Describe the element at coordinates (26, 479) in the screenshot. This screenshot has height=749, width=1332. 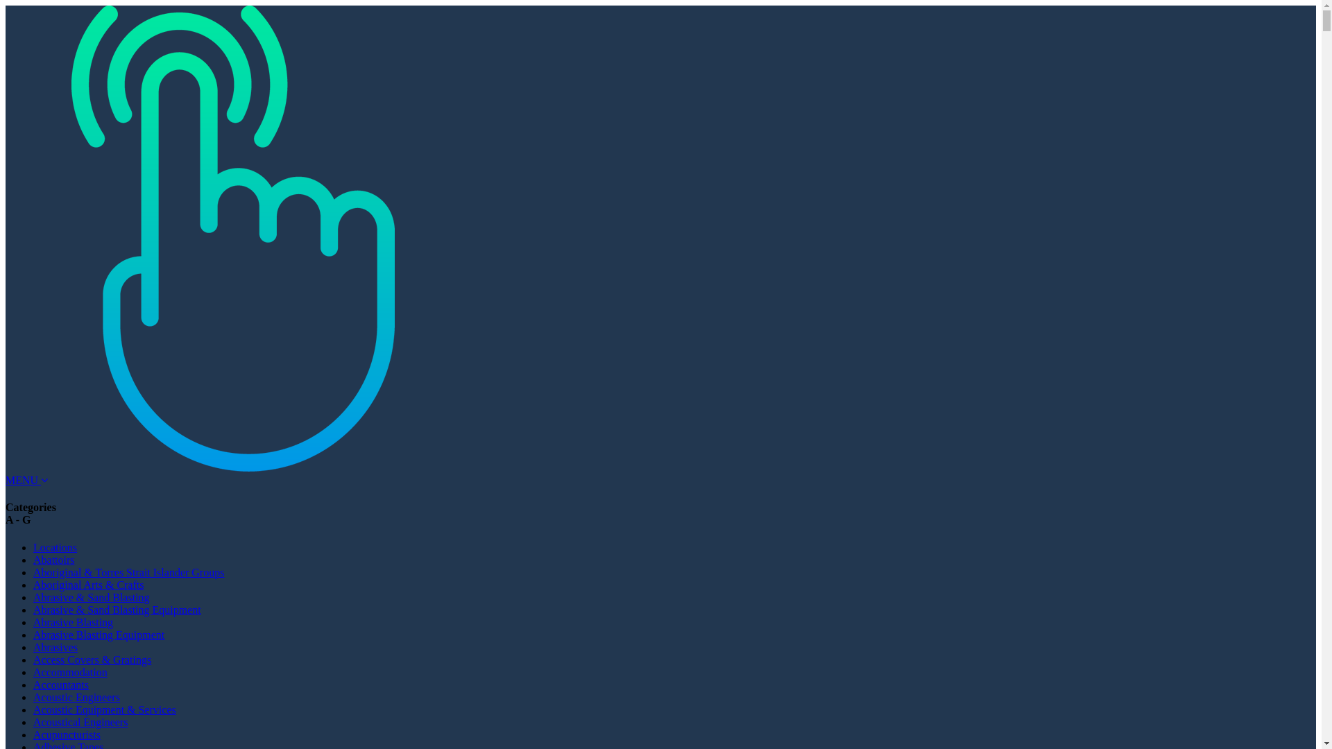
I see `'MENU'` at that location.